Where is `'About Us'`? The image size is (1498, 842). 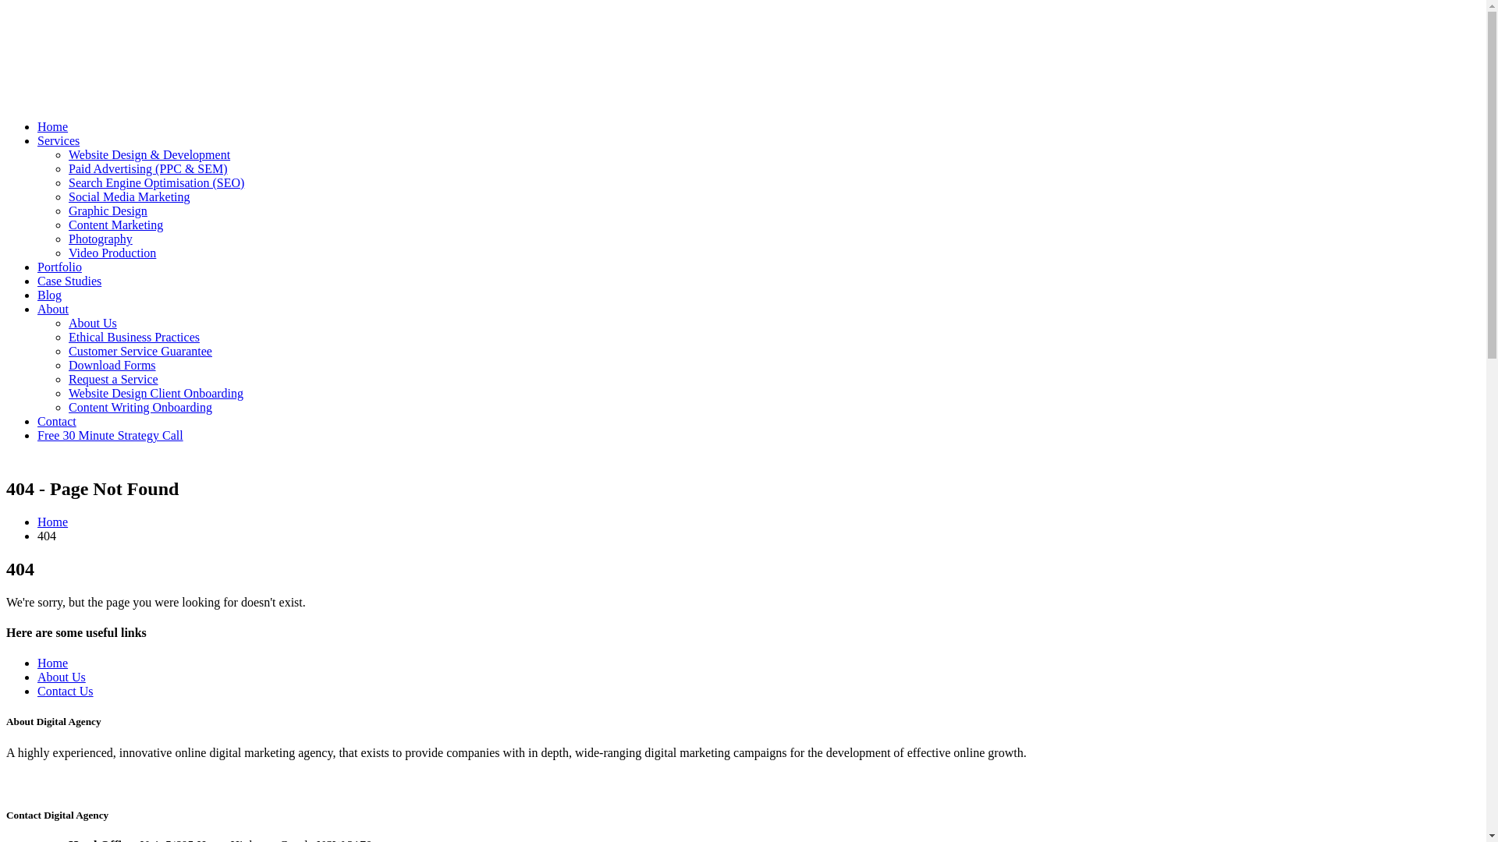
'About Us' is located at coordinates (92, 322).